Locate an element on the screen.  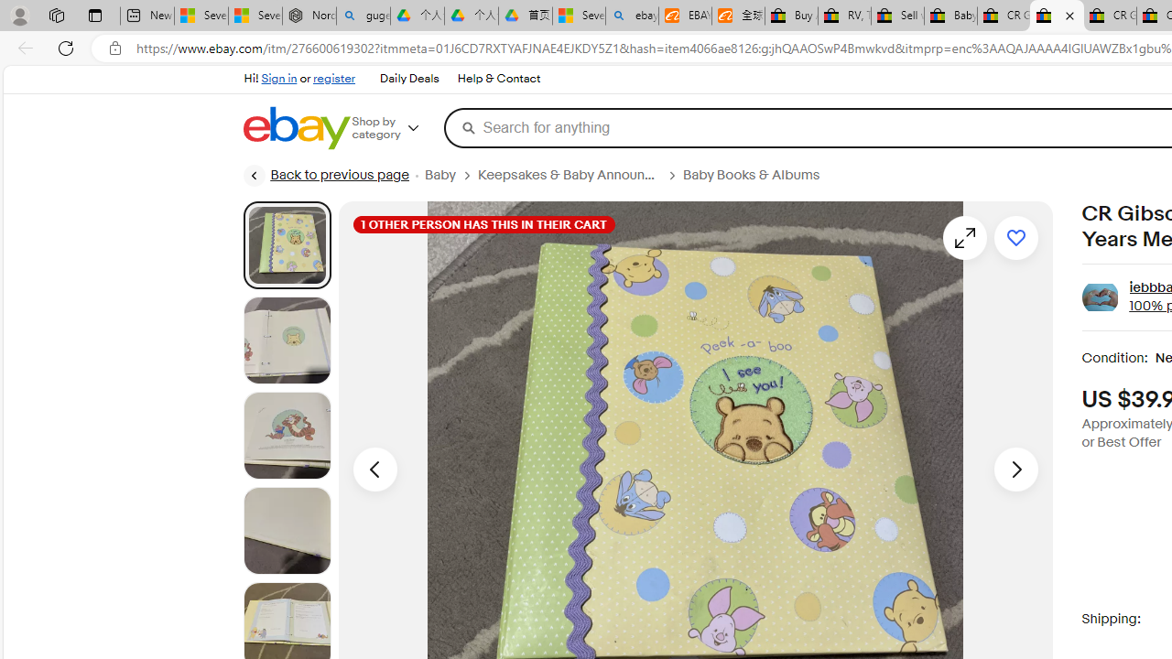
'Picture 1 of 22' is located at coordinates (286, 244).